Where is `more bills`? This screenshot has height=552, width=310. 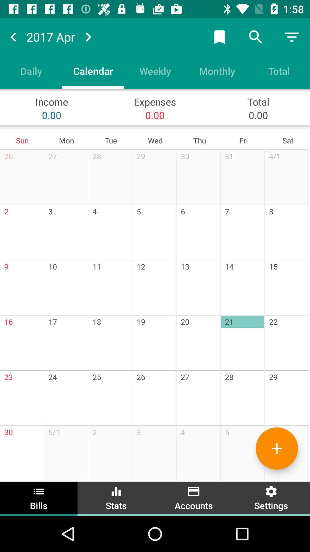 more bills is located at coordinates (276, 448).